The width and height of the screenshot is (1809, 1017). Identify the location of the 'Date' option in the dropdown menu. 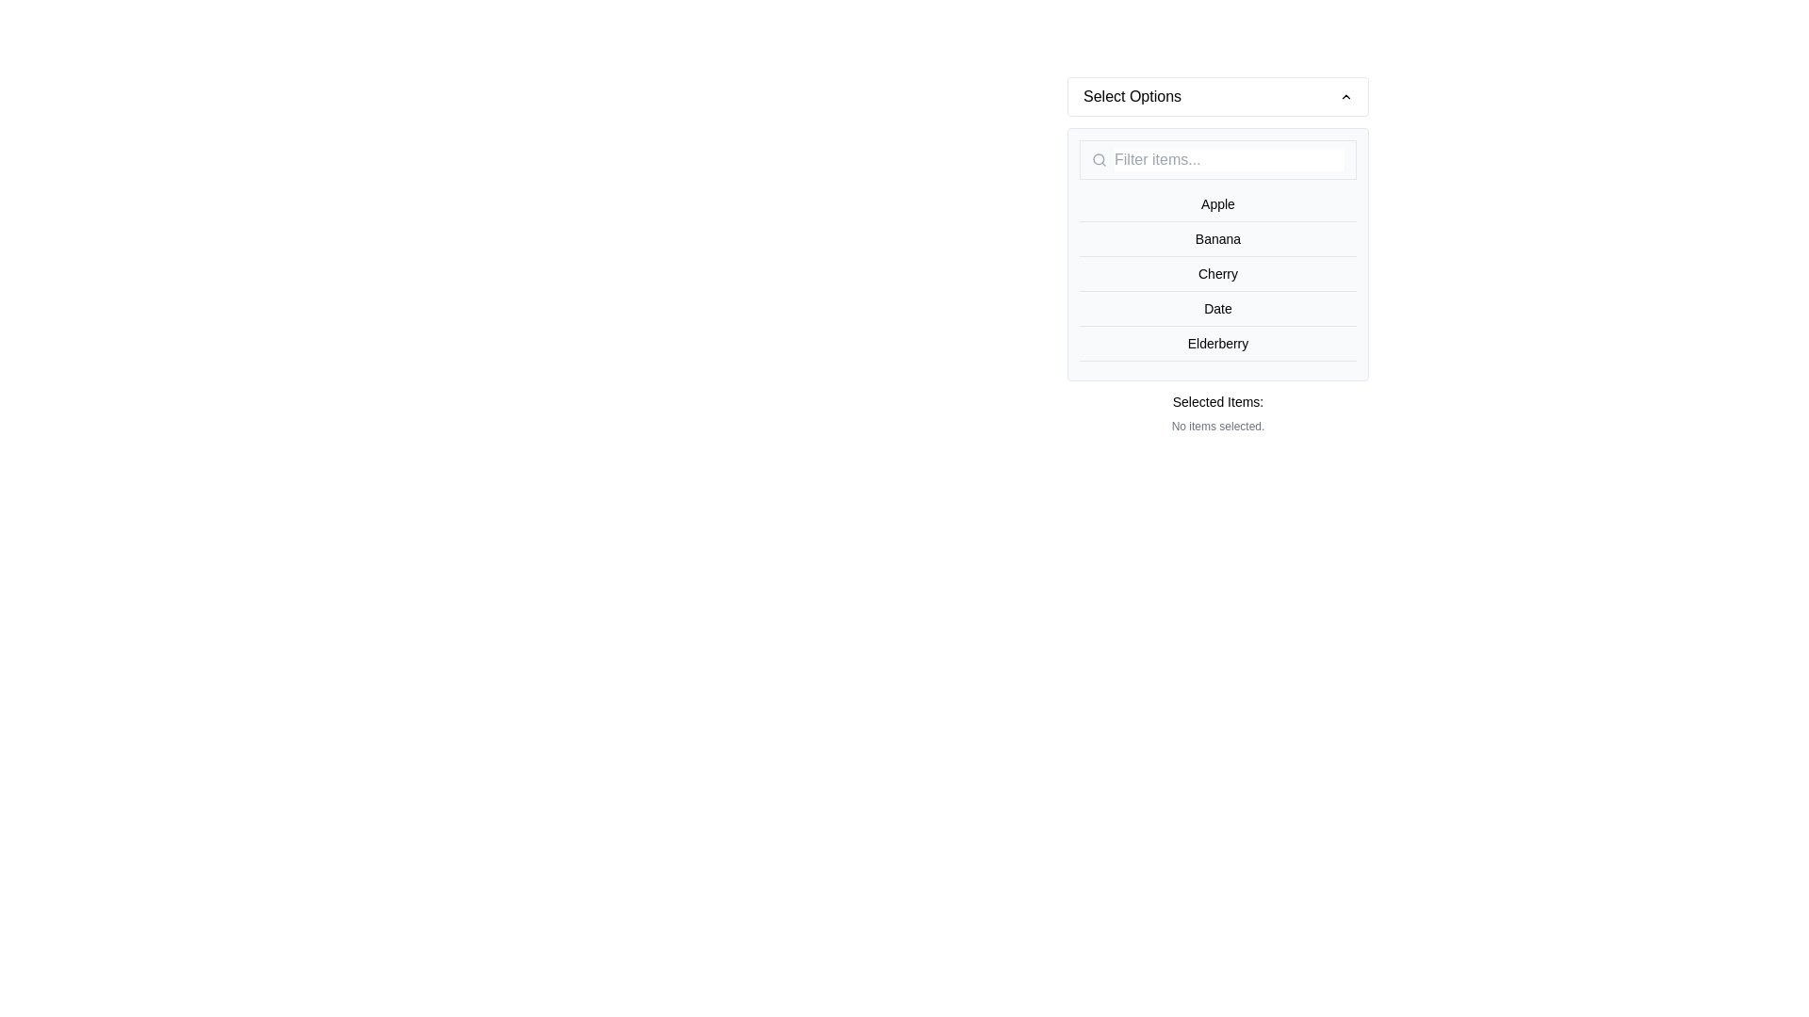
(1217, 307).